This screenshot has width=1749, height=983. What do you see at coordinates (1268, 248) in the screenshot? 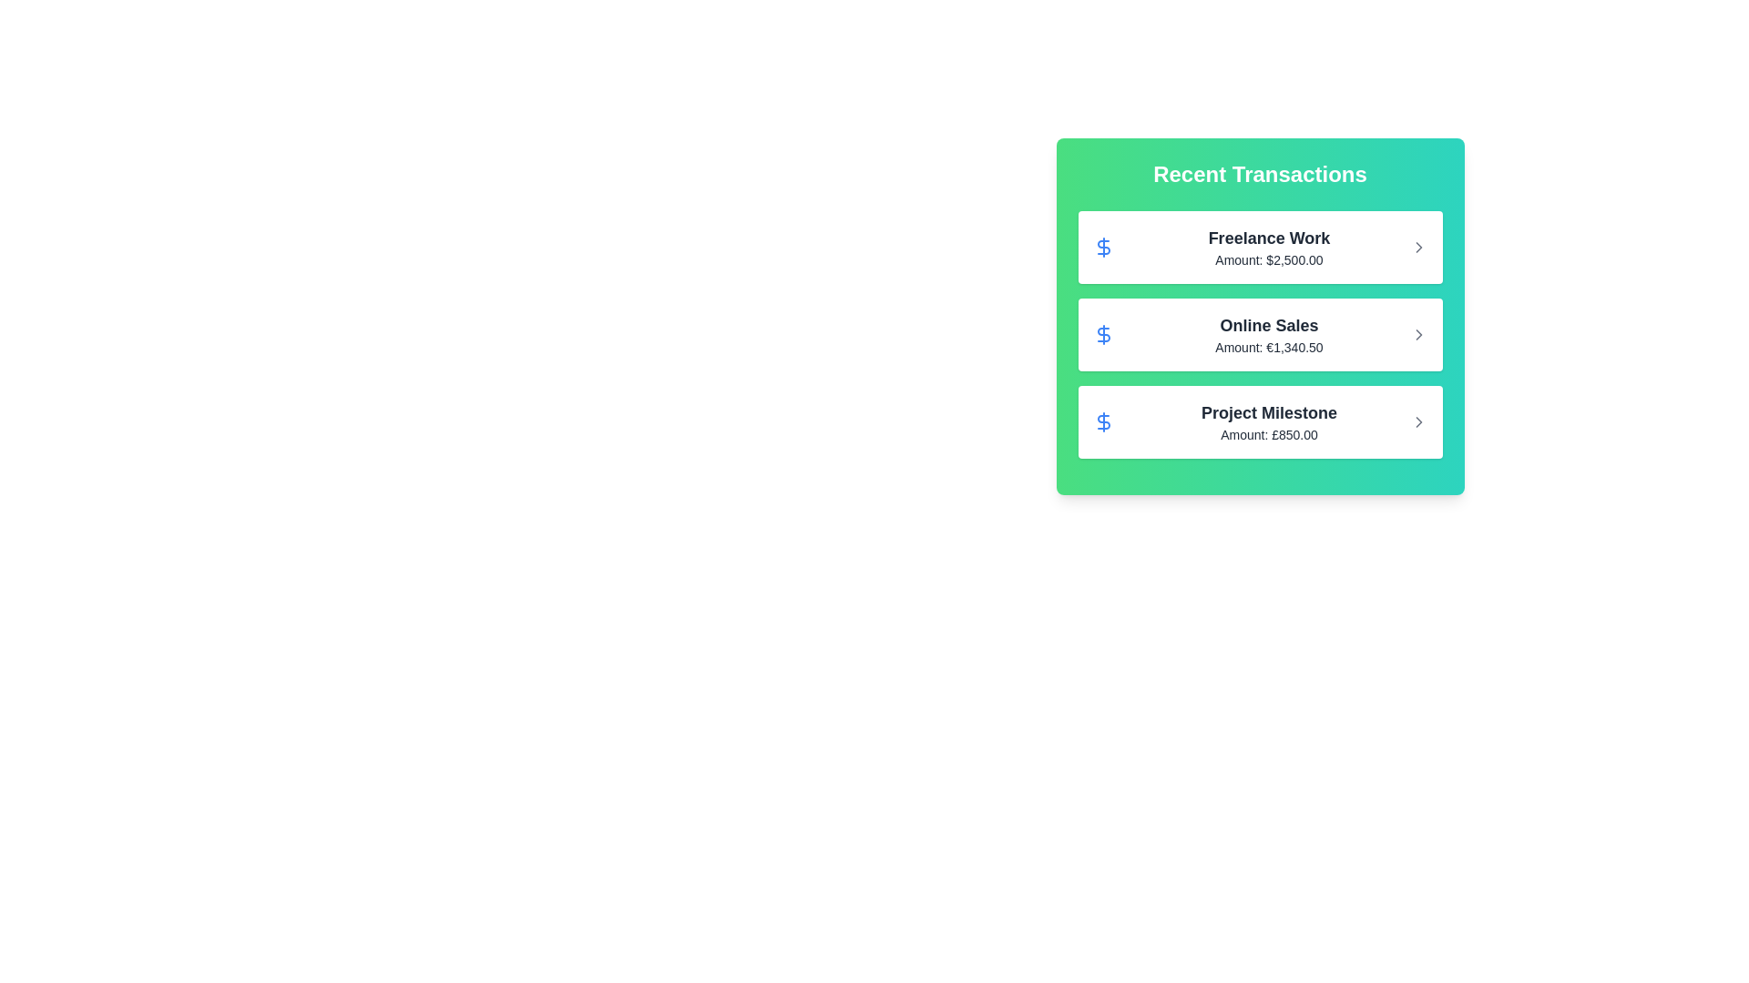
I see `text from the Information display field titled 'Freelance Work' which shows the amount '$2,500.00'` at bounding box center [1268, 248].